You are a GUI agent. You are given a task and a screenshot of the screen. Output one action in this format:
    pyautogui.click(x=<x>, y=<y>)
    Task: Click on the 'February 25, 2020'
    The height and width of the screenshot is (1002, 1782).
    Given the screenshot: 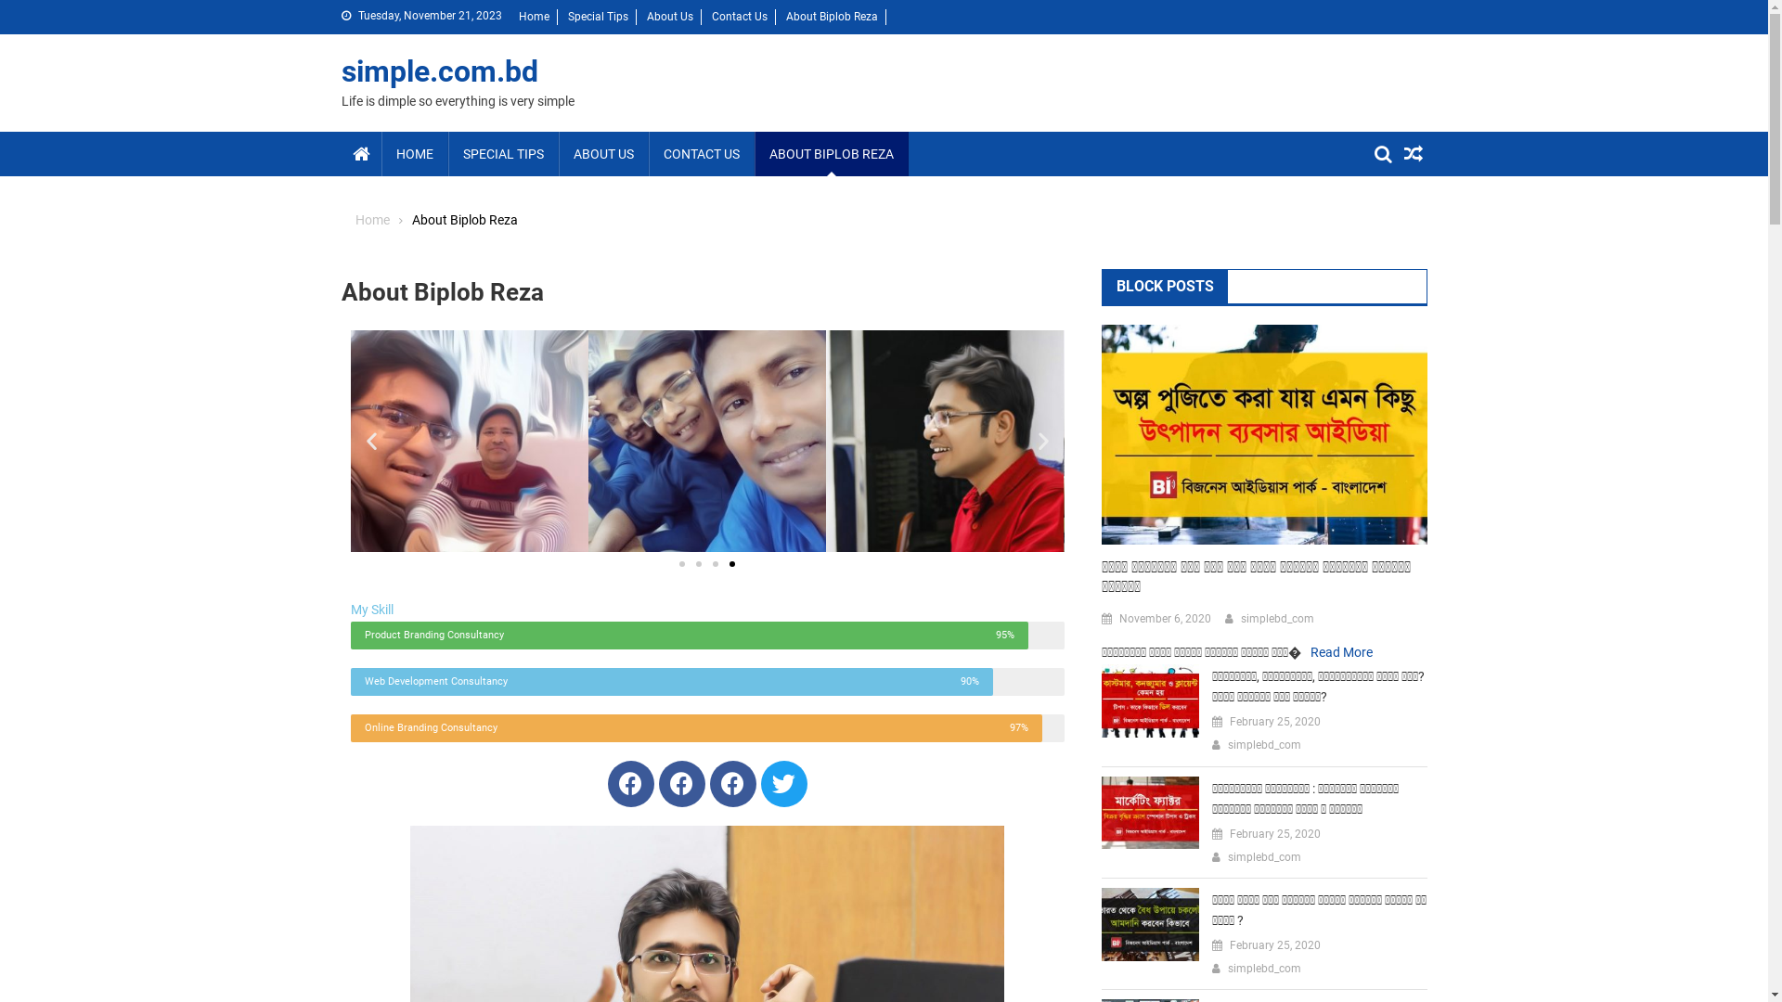 What is the action you would take?
    pyautogui.click(x=1229, y=722)
    